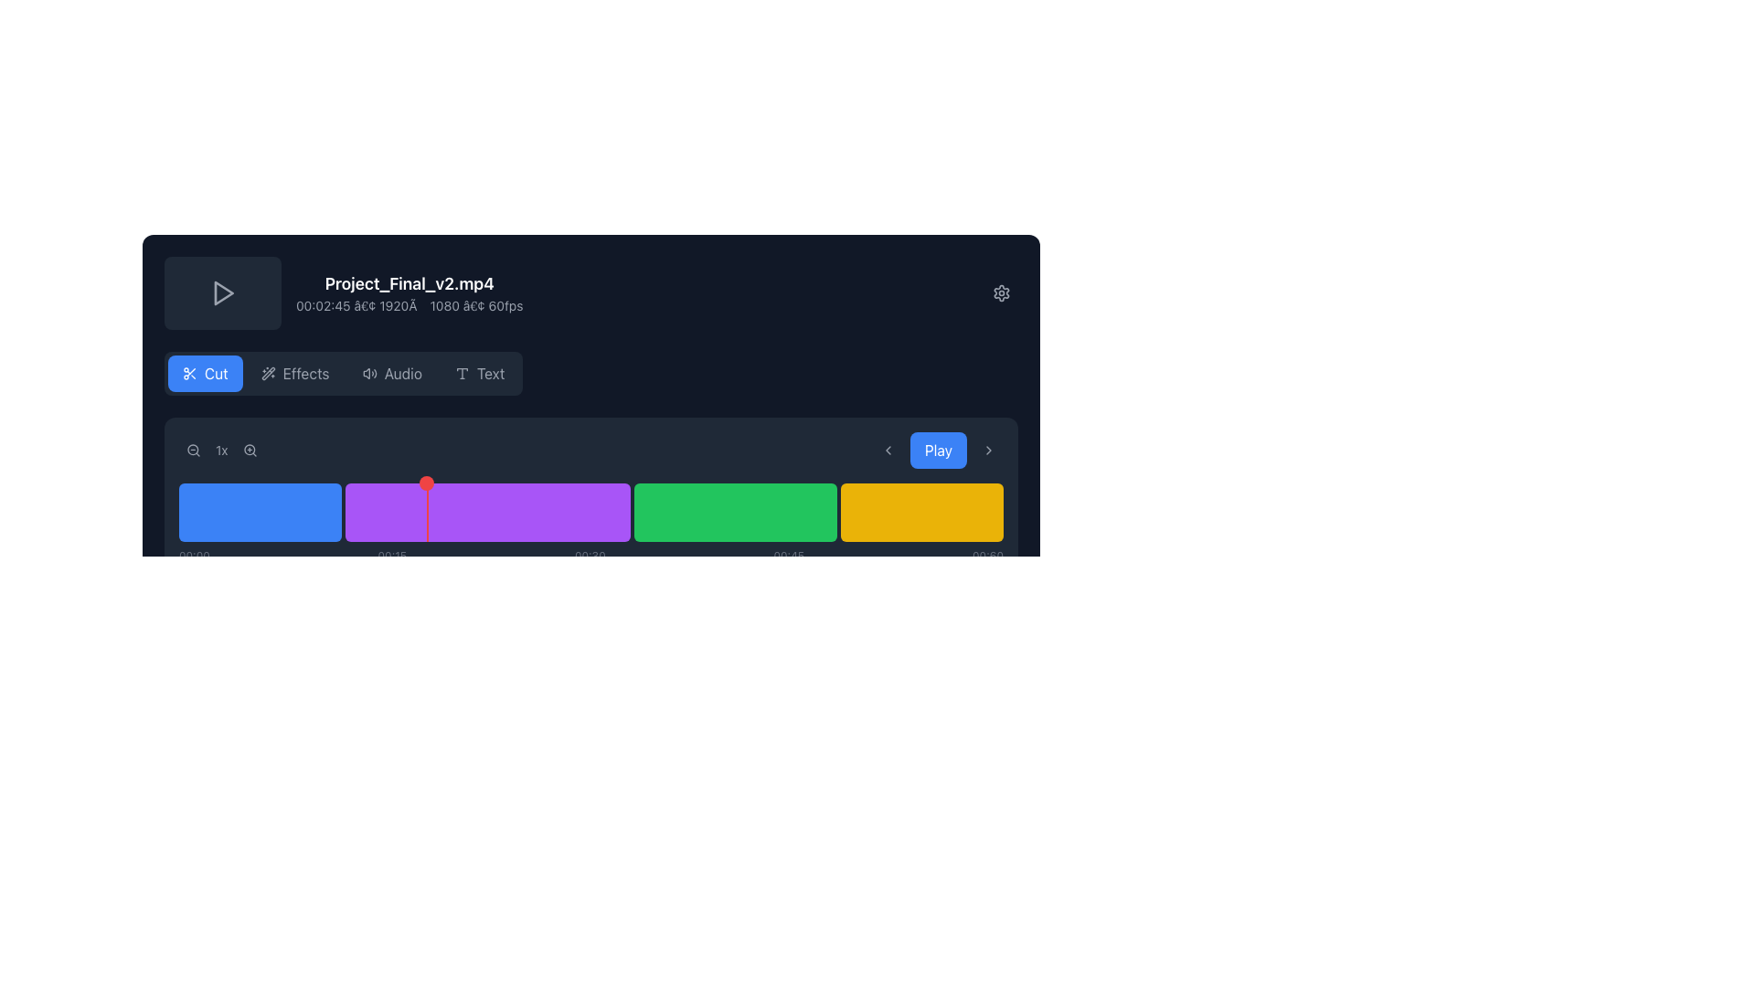  Describe the element at coordinates (591, 556) in the screenshot. I see `the horizontal sequence of timestamp labels for timeline navigation, located below the progress indicator and centered within the interface` at that location.